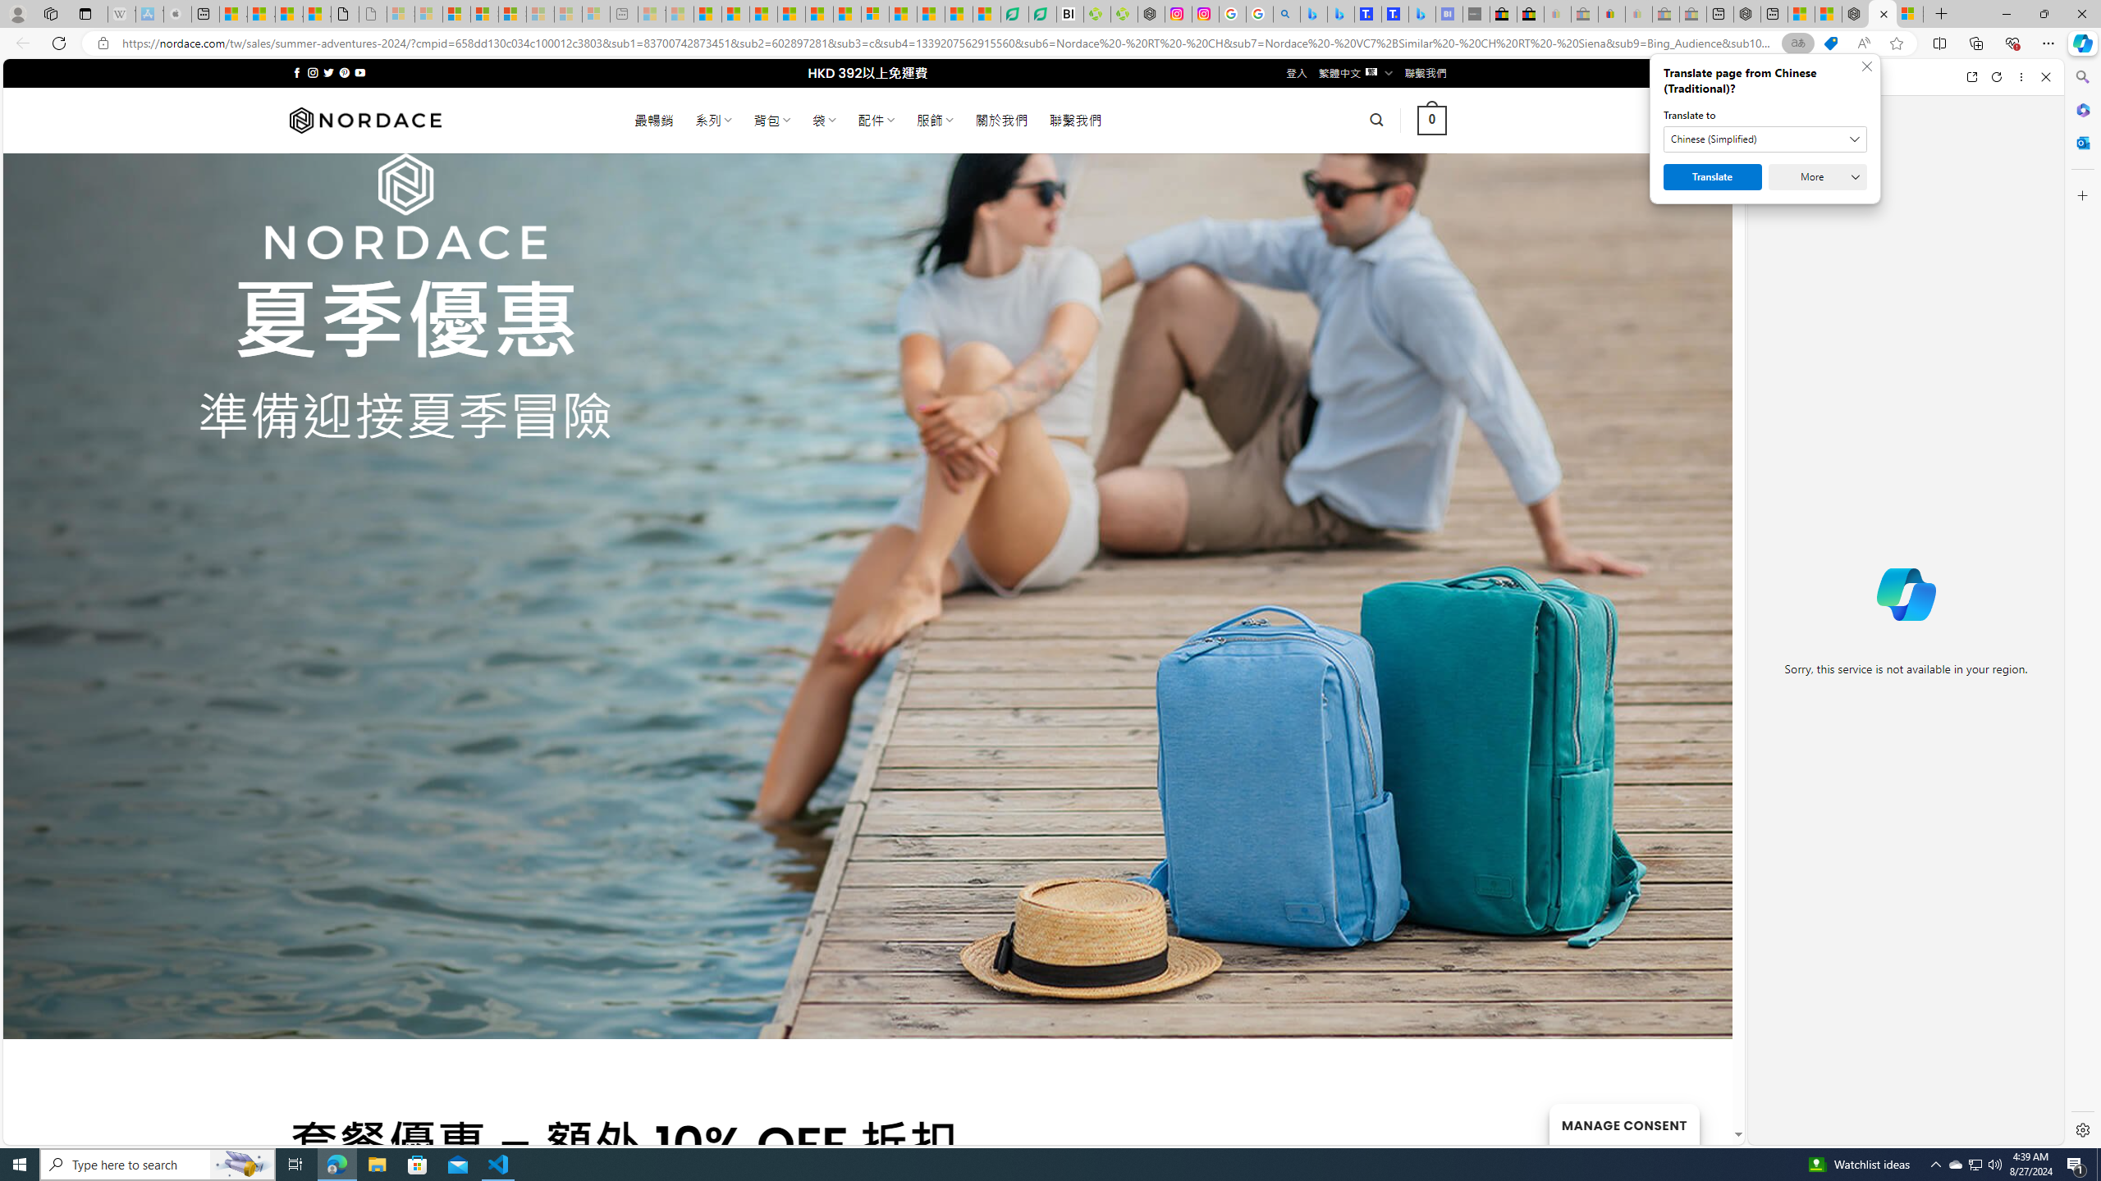 The height and width of the screenshot is (1181, 2101). Describe the element at coordinates (360, 72) in the screenshot. I see `'Follow on YouTube'` at that location.